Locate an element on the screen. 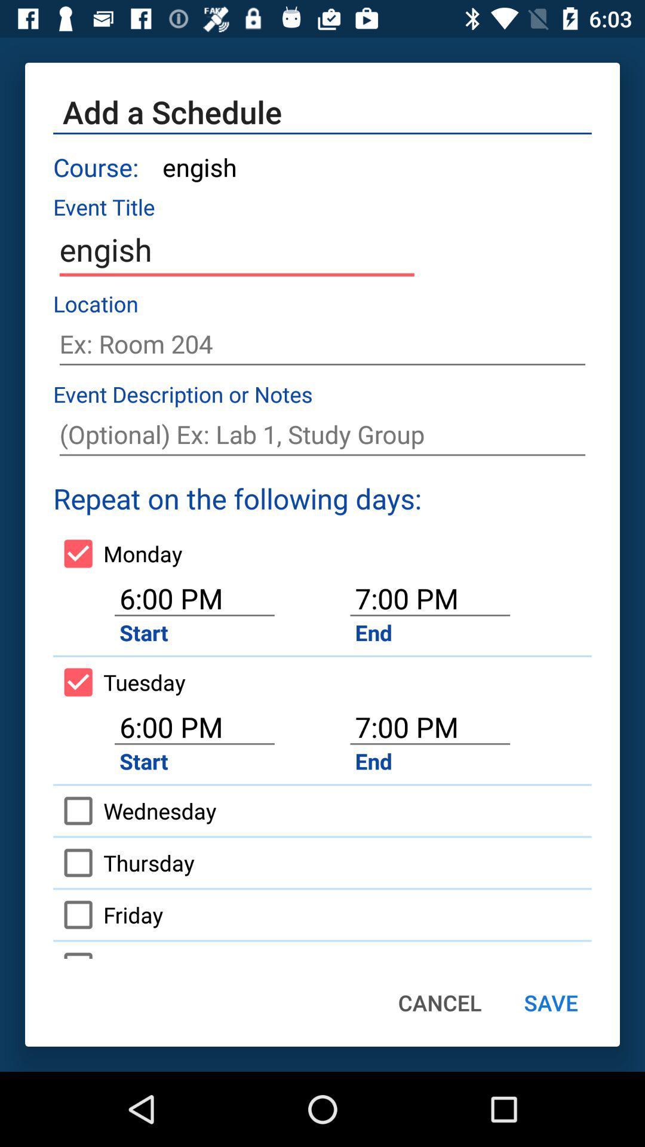  item below repeat on the item is located at coordinates (118, 553).